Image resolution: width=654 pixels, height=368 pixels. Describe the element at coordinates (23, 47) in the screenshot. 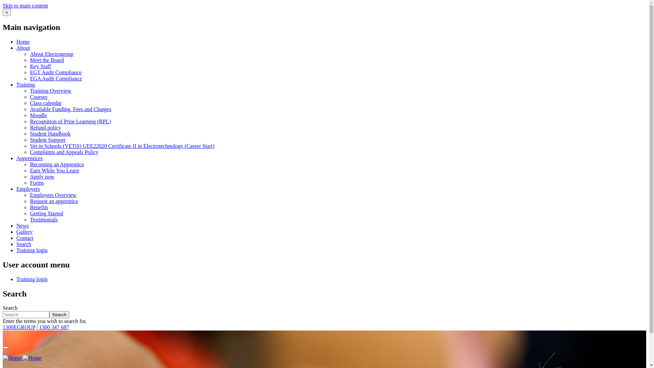

I see `'About'` at that location.